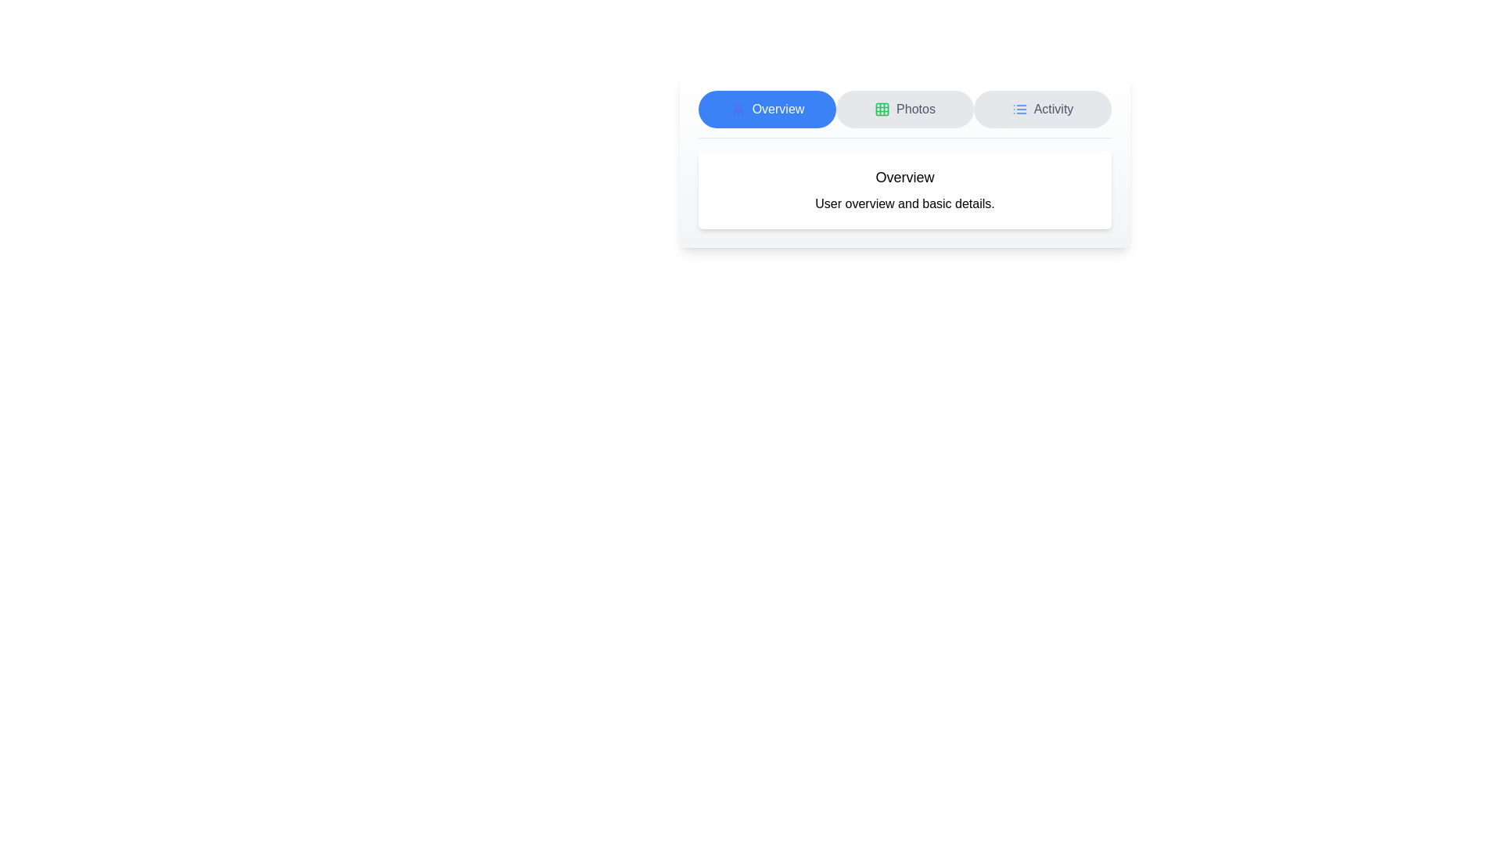  What do you see at coordinates (767, 108) in the screenshot?
I see `the Overview tab by clicking on its corresponding button` at bounding box center [767, 108].